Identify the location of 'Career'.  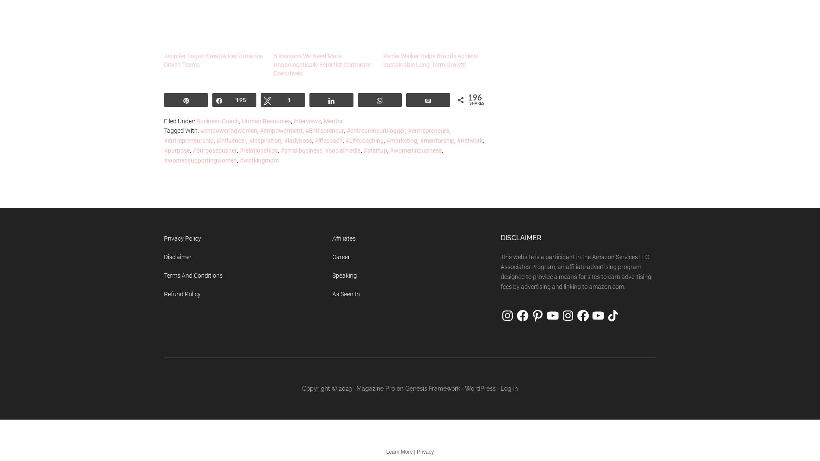
(341, 257).